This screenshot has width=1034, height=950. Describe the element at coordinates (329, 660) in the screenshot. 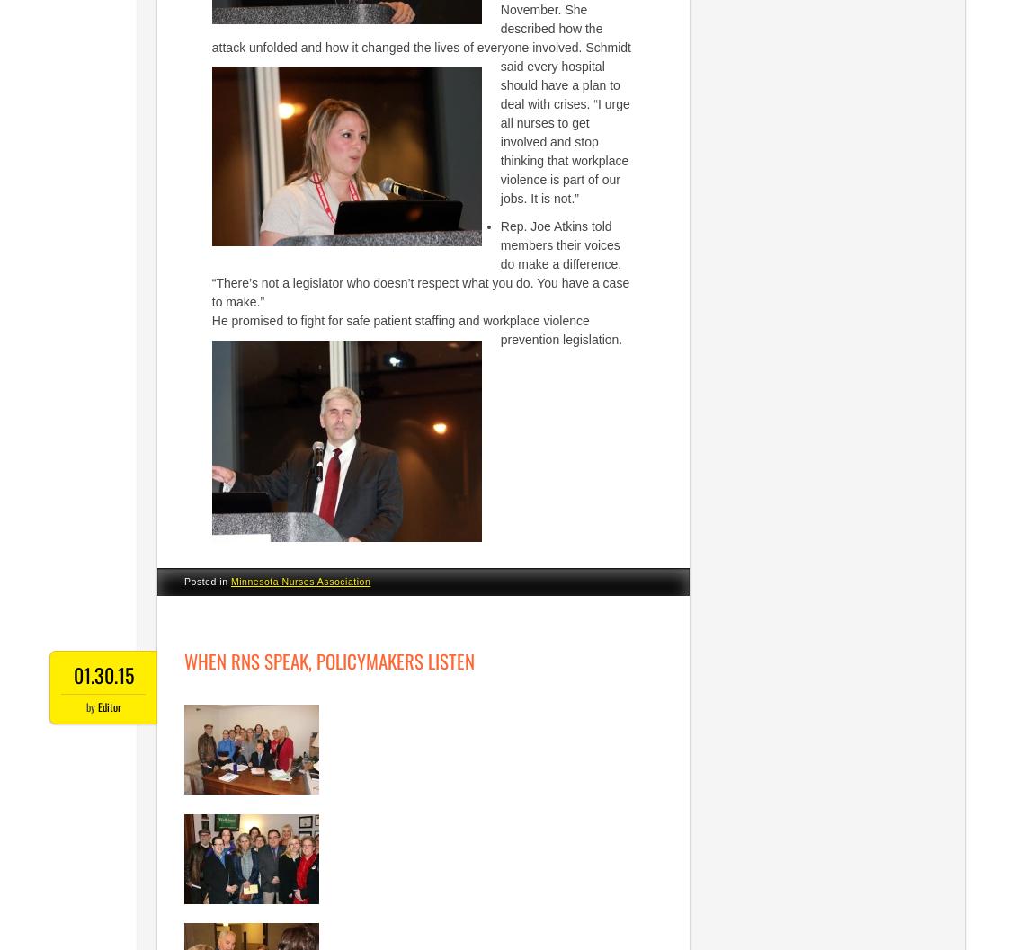

I see `'When RNs speak, policymakers listen'` at that location.